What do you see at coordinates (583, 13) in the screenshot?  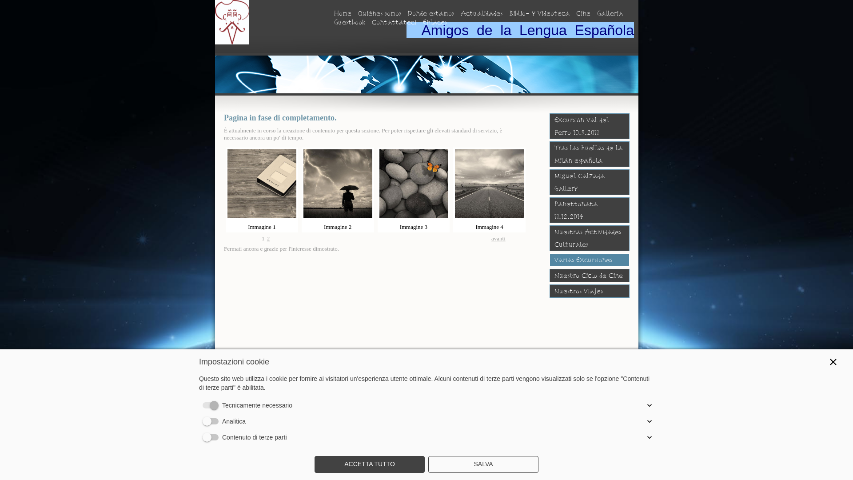 I see `'Cine'` at bounding box center [583, 13].